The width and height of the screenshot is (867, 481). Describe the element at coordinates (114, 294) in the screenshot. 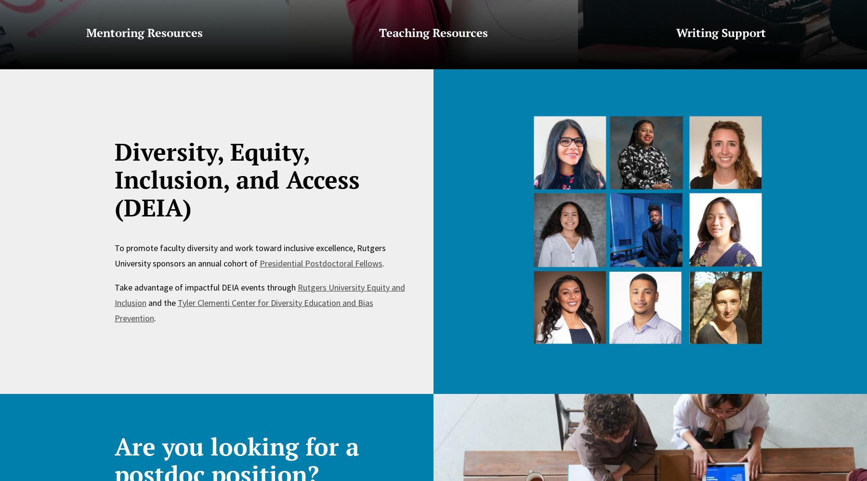

I see `'Rutgers University Equity and Inclusion'` at that location.